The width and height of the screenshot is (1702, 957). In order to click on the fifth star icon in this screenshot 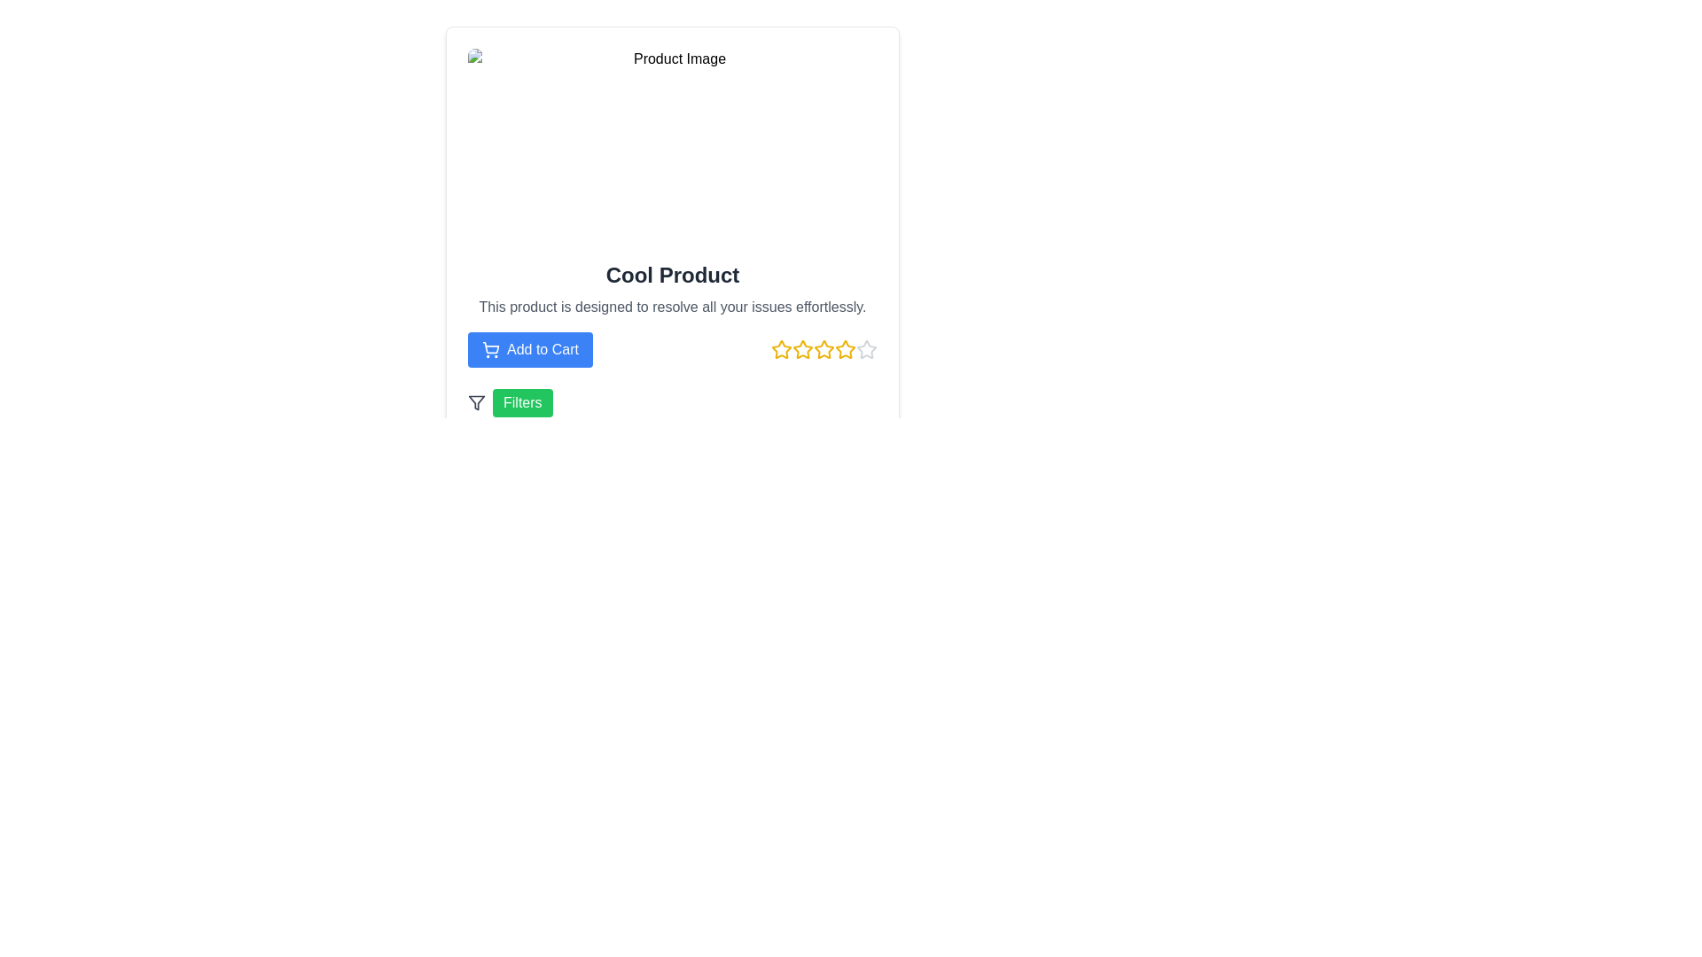, I will do `click(867, 349)`.